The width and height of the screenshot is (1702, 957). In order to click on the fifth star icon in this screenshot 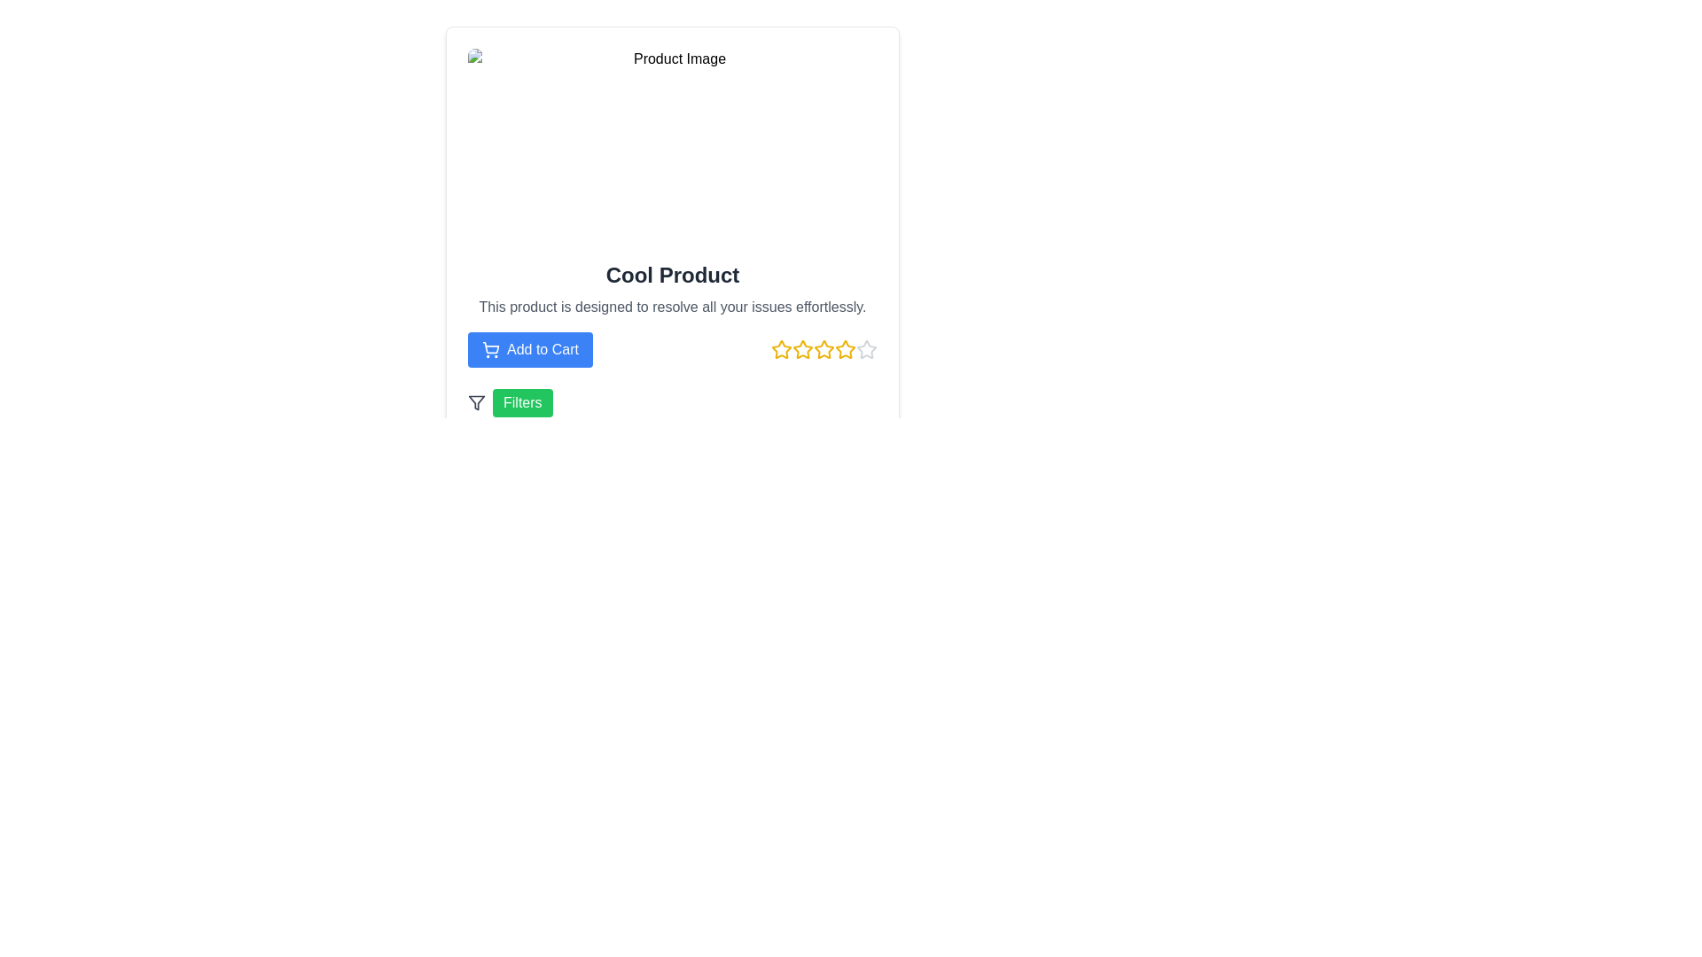, I will do `click(867, 349)`.